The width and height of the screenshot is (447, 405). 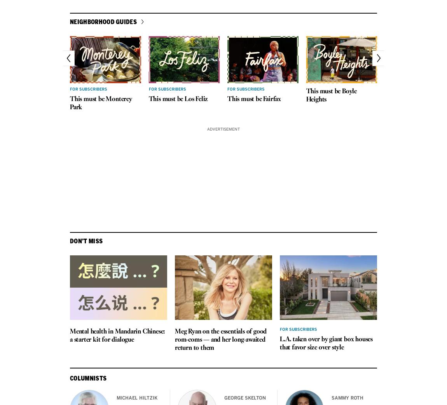 I want to click on 'Columnists', so click(x=88, y=378).